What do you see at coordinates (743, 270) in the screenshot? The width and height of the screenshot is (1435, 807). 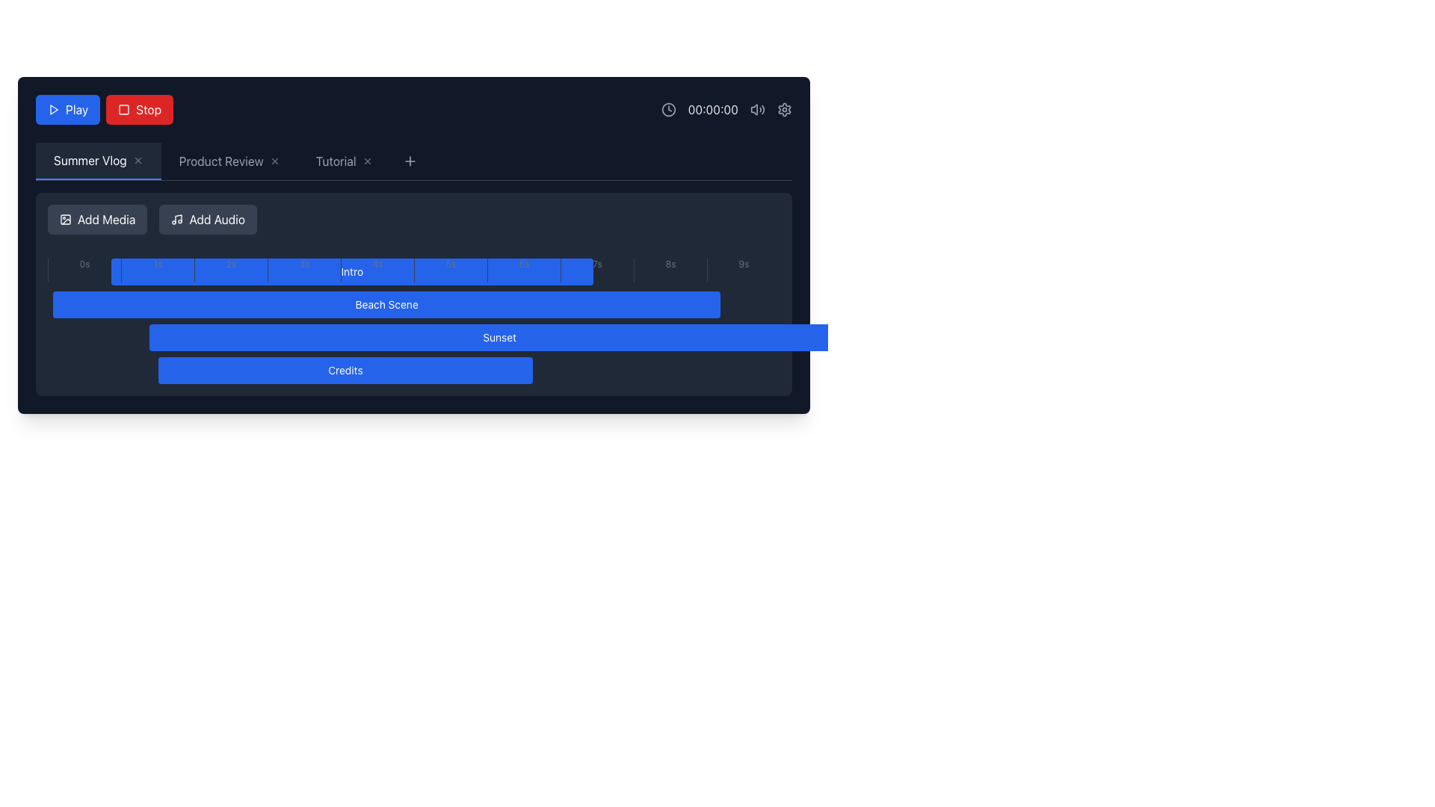 I see `the last time marker labeled '9s' in the timeline section, which serves as a time marker for navigation or reference` at bounding box center [743, 270].